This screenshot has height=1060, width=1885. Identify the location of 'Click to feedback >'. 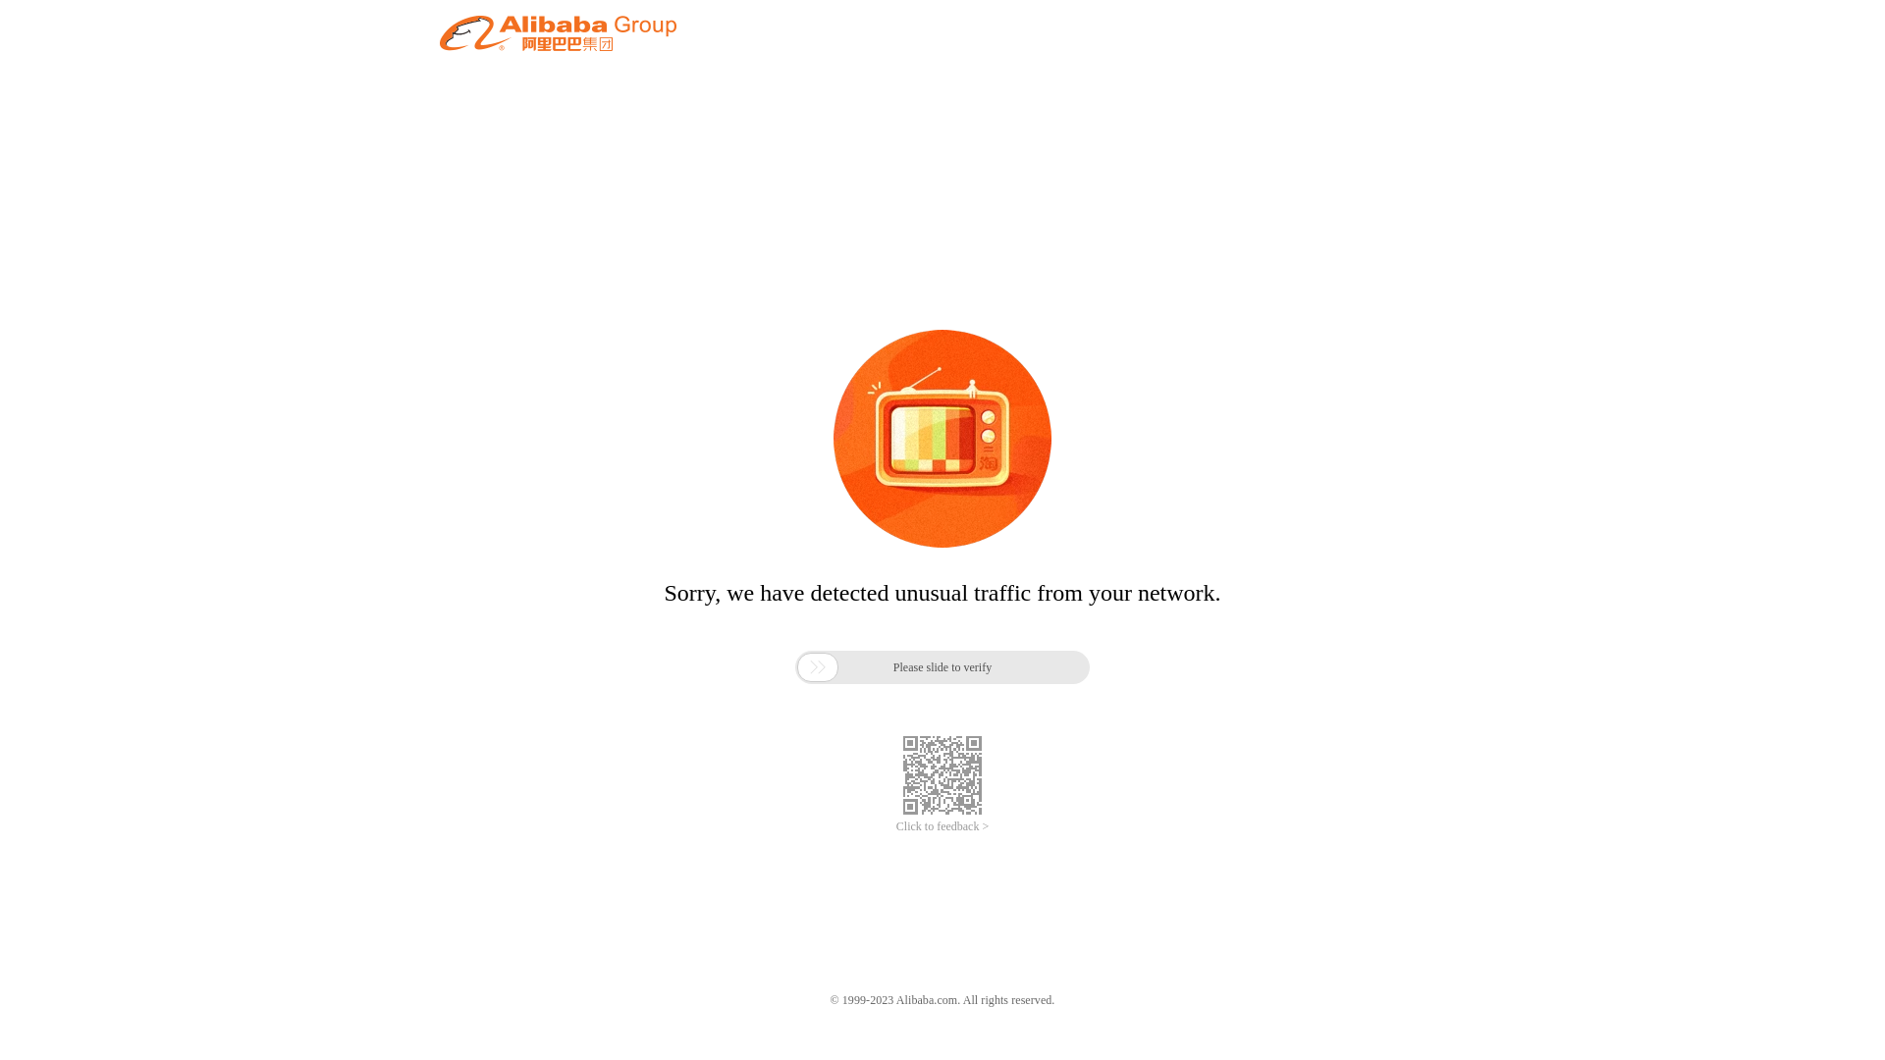
(894, 826).